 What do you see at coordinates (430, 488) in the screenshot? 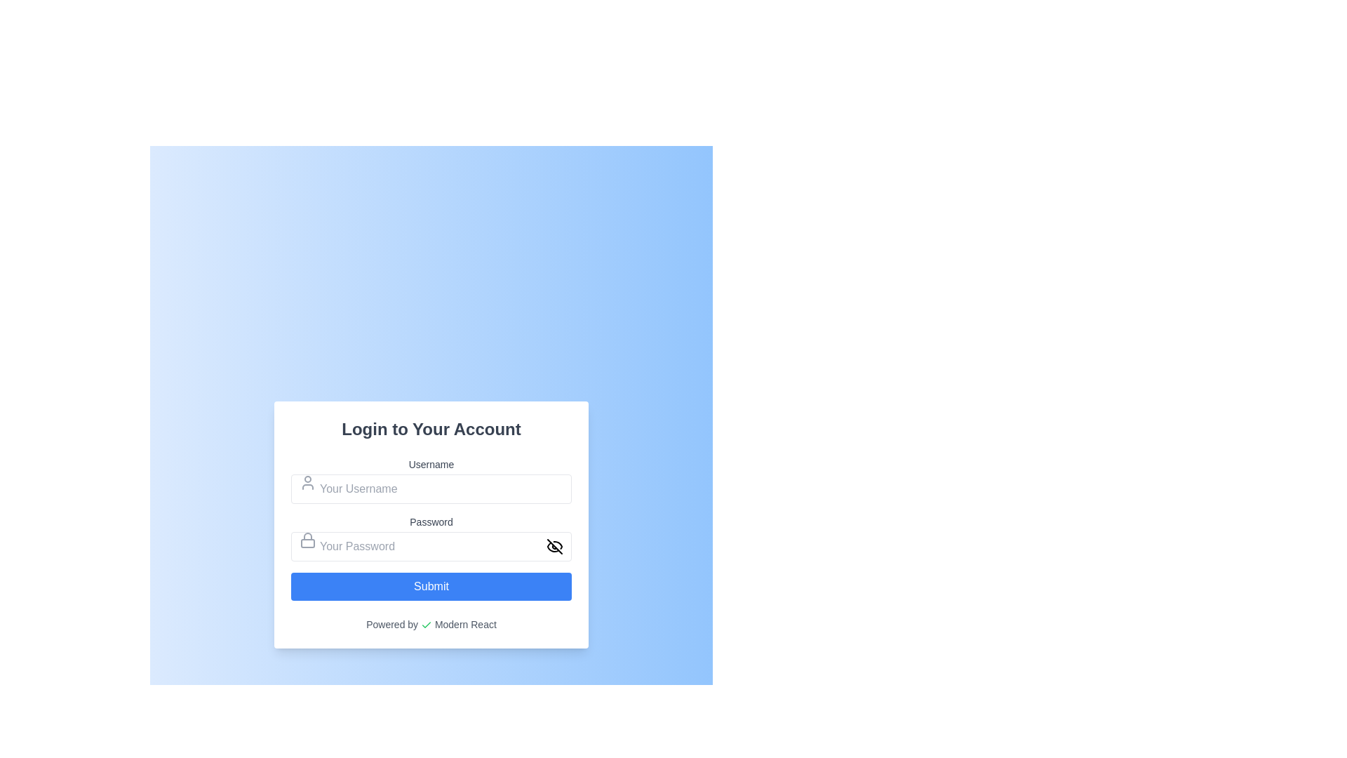
I see `inside the input field labeled 'Your Username' to focus and start typing` at bounding box center [430, 488].